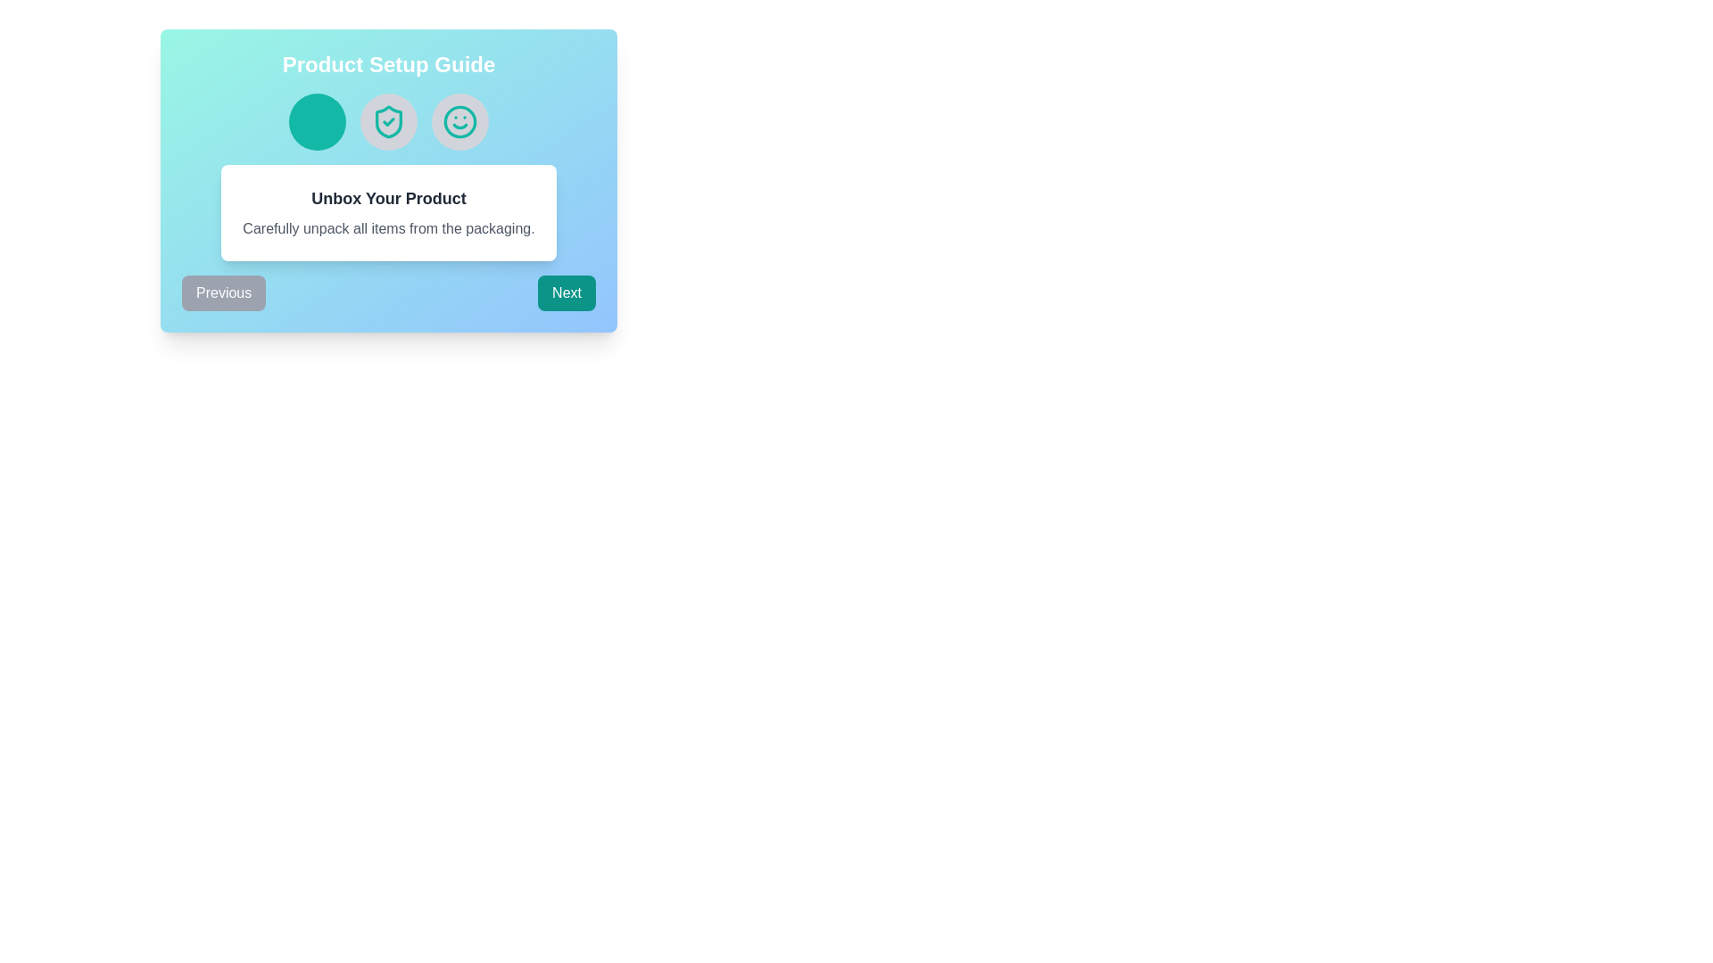  What do you see at coordinates (459, 121) in the screenshot?
I see `the teal circular graphical element, which is the outermost boundary of the icon at the third position in a horizontal array of three icons at the top of the guide interface` at bounding box center [459, 121].